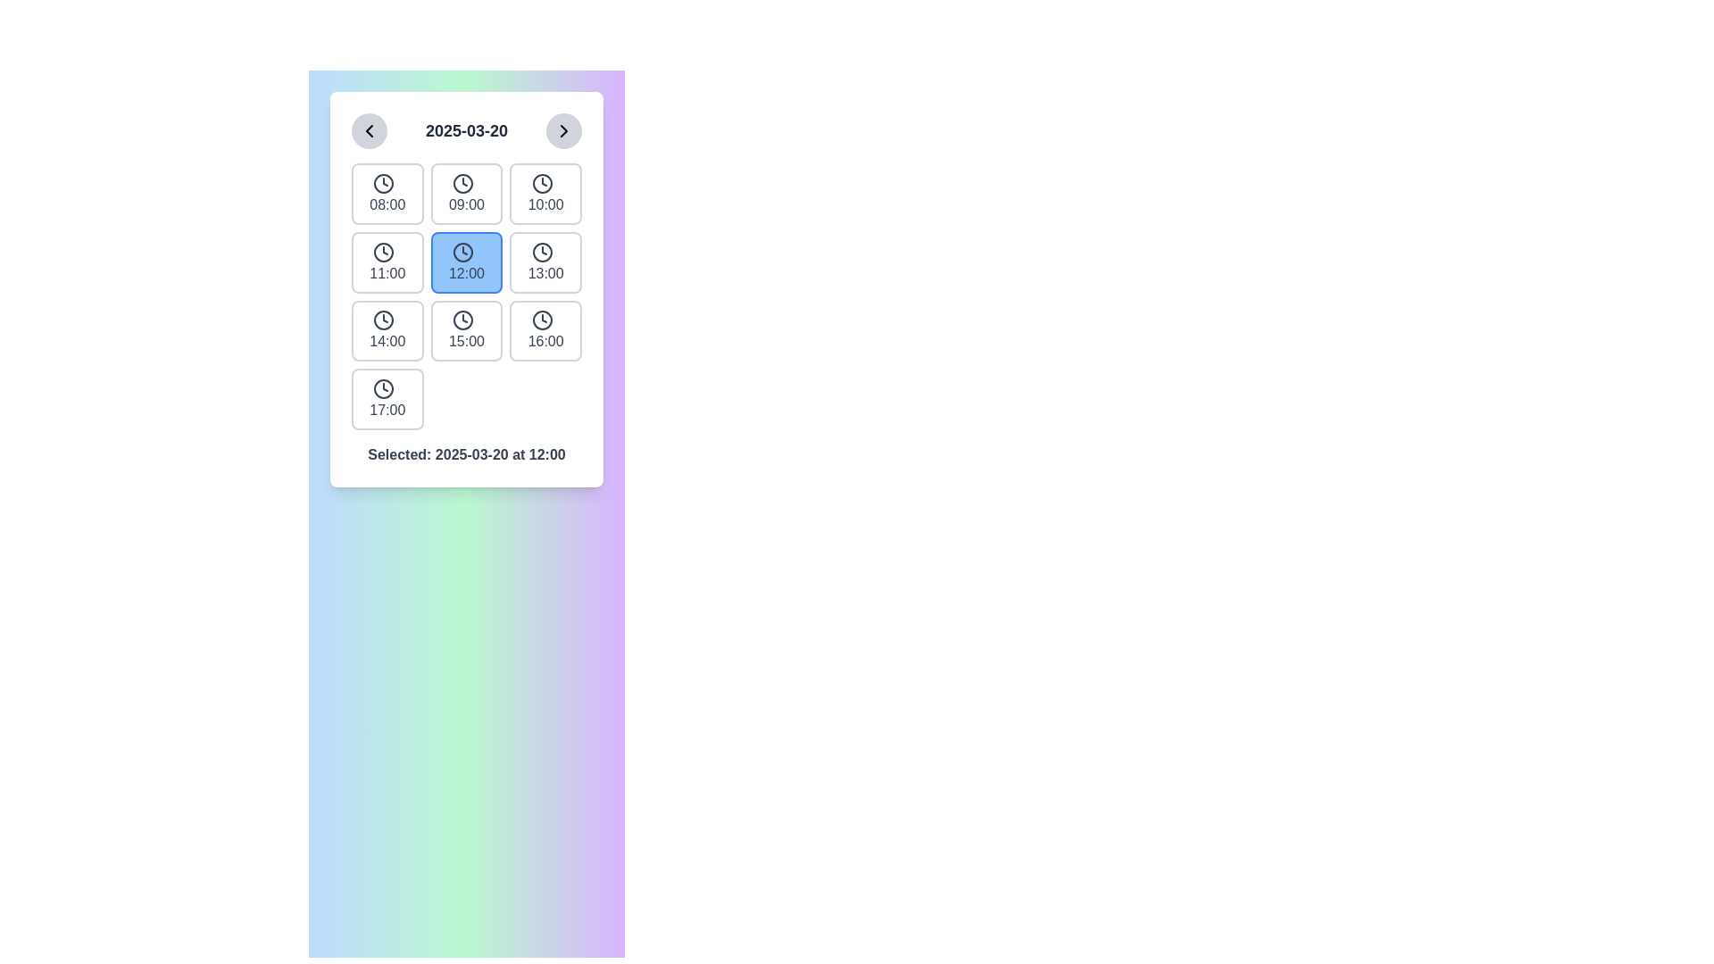 This screenshot has height=964, width=1714. Describe the element at coordinates (545, 194) in the screenshot. I see `the selectable time slot button for '10:00', which is located in the second column of the top row of time selection options` at that location.